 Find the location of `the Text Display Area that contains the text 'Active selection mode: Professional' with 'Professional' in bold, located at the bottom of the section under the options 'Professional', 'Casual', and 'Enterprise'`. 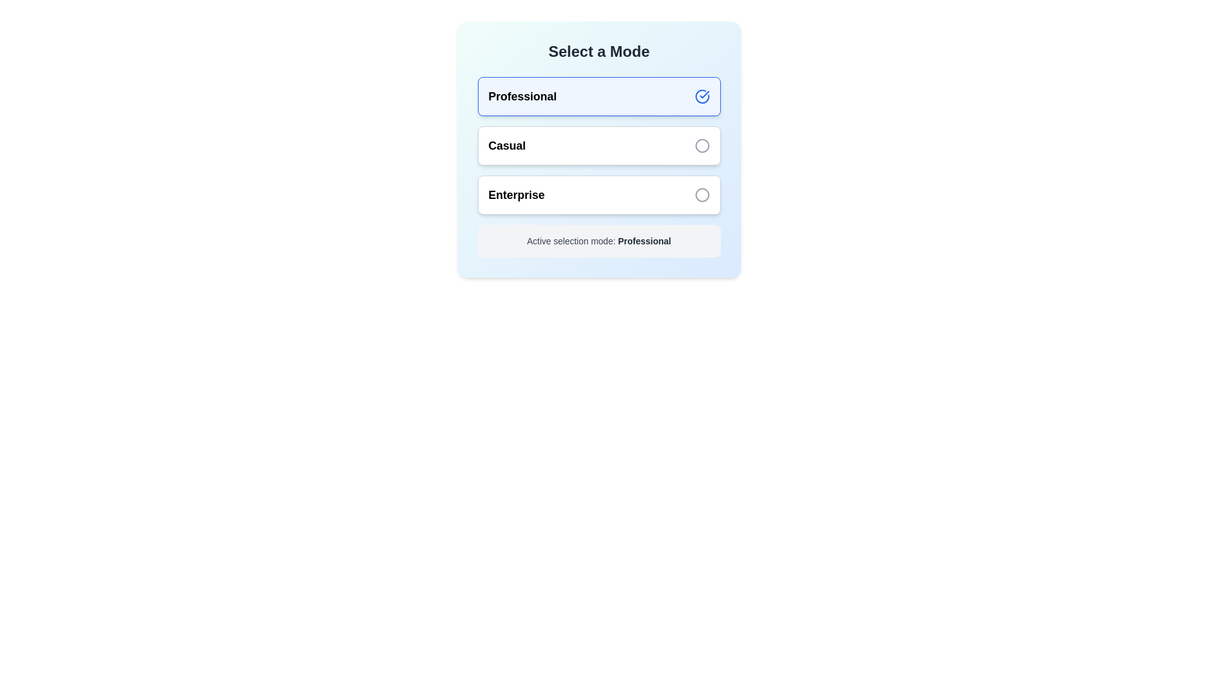

the Text Display Area that contains the text 'Active selection mode: Professional' with 'Professional' in bold, located at the bottom of the section under the options 'Professional', 'Casual', and 'Enterprise' is located at coordinates (598, 241).